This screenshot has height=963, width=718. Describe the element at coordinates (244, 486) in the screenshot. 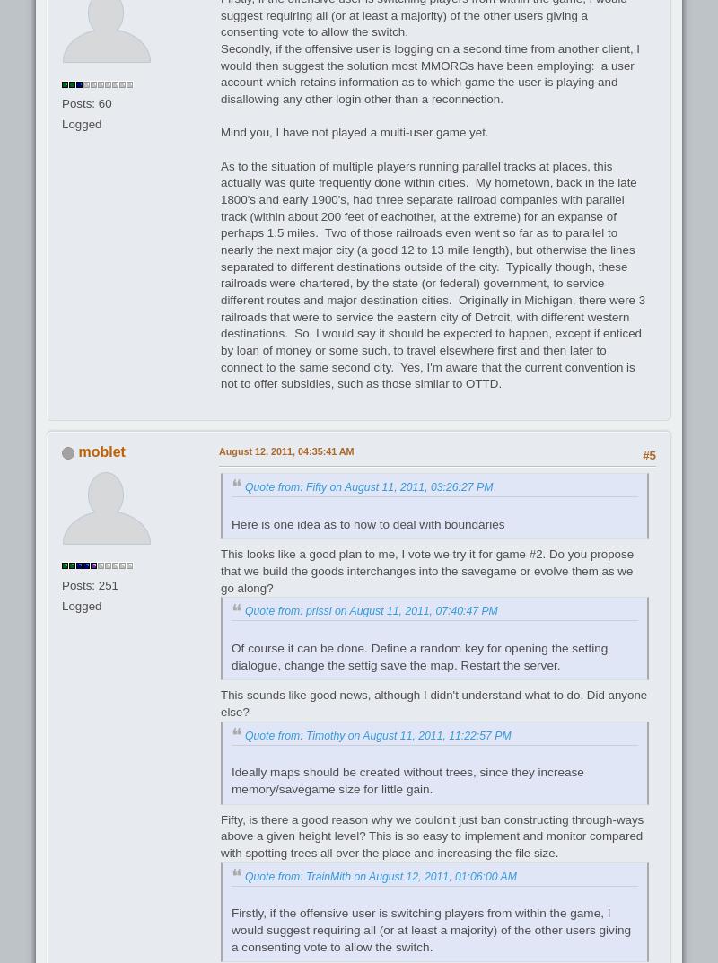

I see `'Quote from: Fifty on August 11, 2011, 03:26:27 PM'` at that location.